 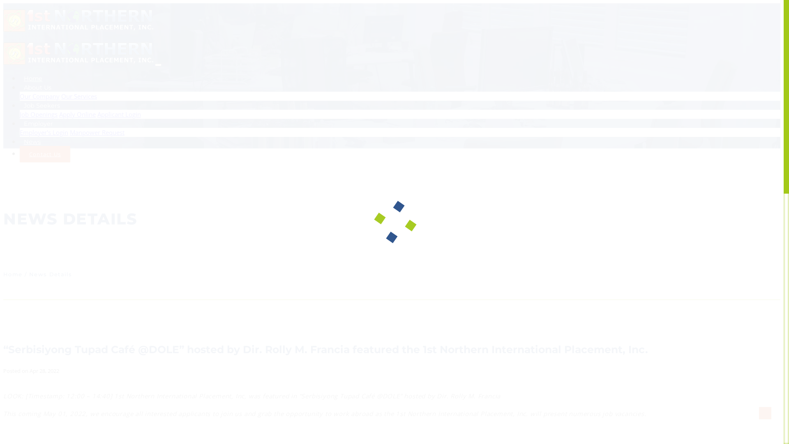 What do you see at coordinates (97, 132) in the screenshot?
I see `'Manpower Request'` at bounding box center [97, 132].